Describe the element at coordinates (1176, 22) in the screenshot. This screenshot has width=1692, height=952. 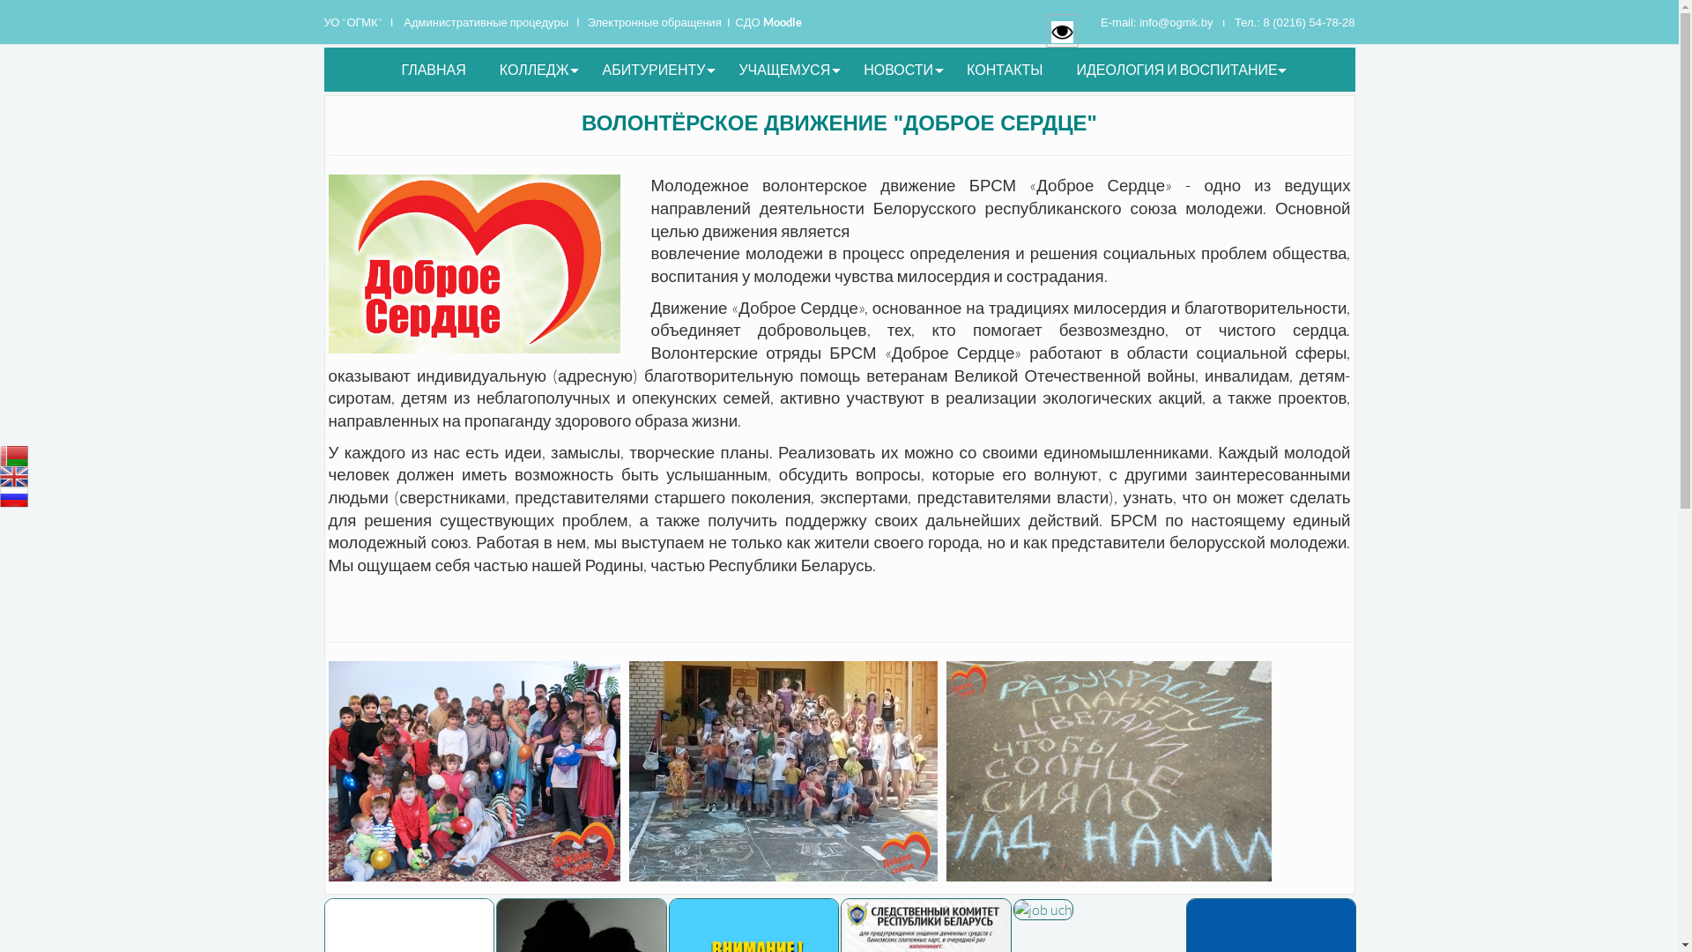
I see `'info@ogmk.by'` at that location.